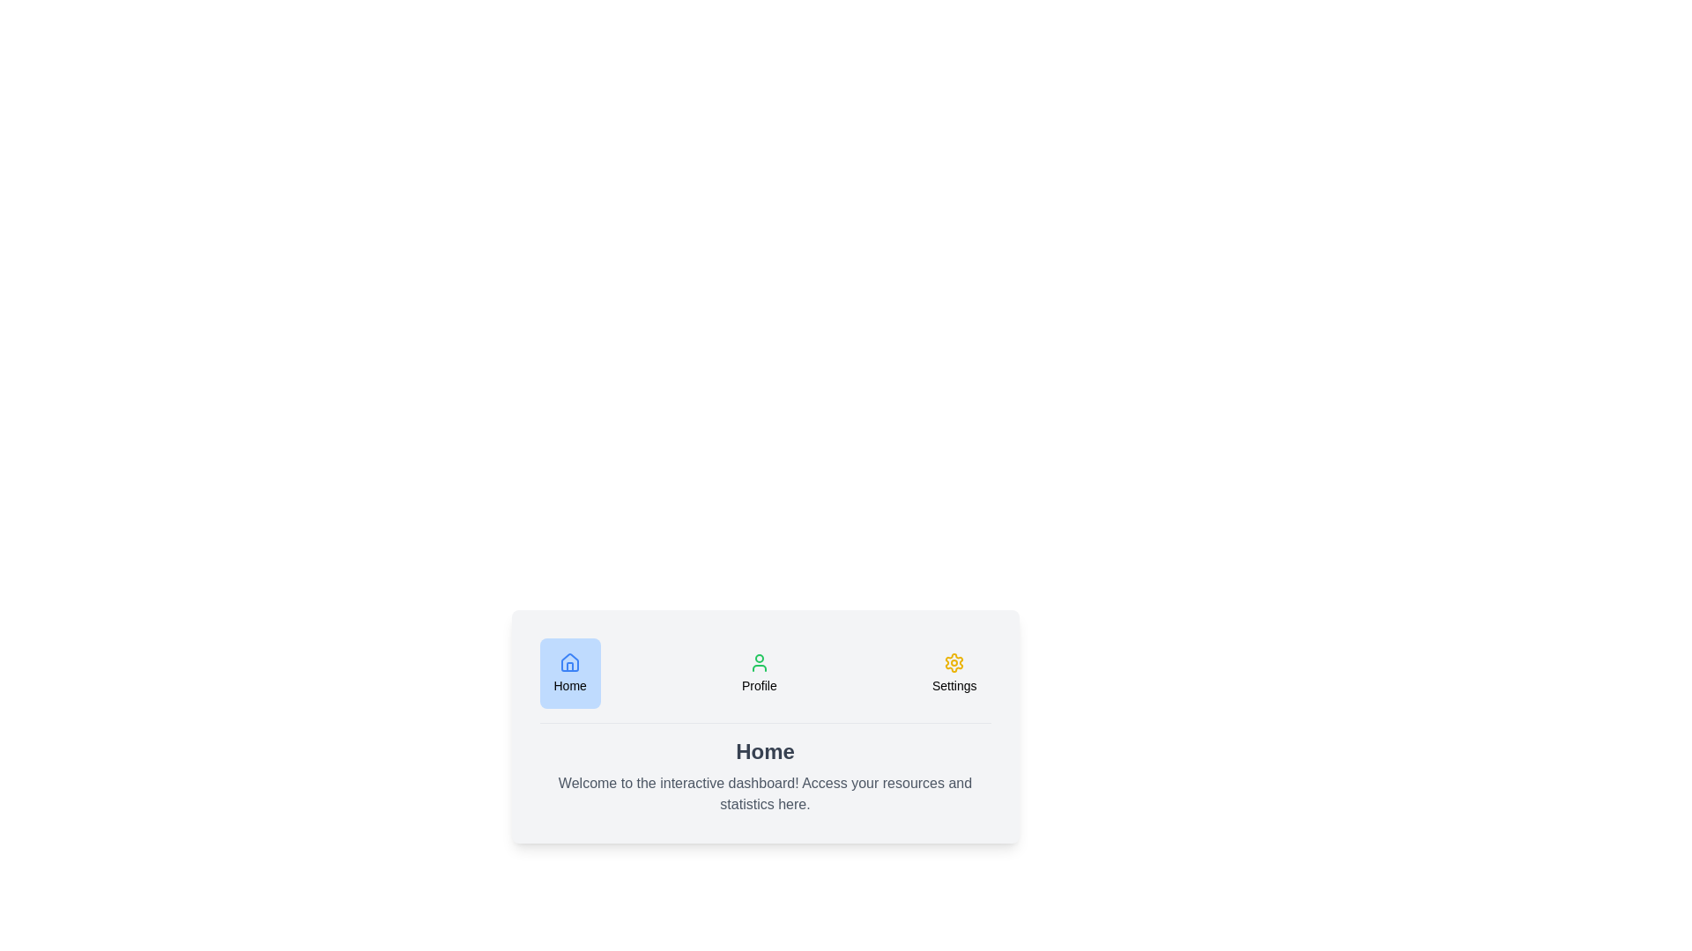 The width and height of the screenshot is (1692, 951). I want to click on the tab button labeled 'Home' to switch to the corresponding tab, so click(570, 673).